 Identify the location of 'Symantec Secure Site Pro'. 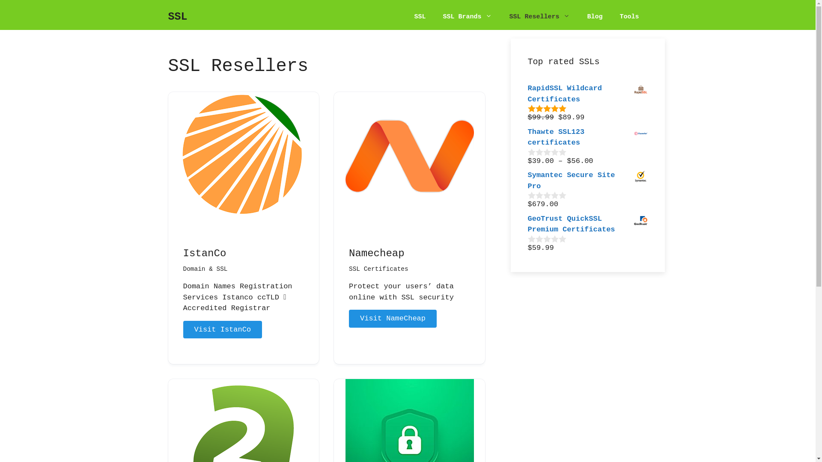
(587, 180).